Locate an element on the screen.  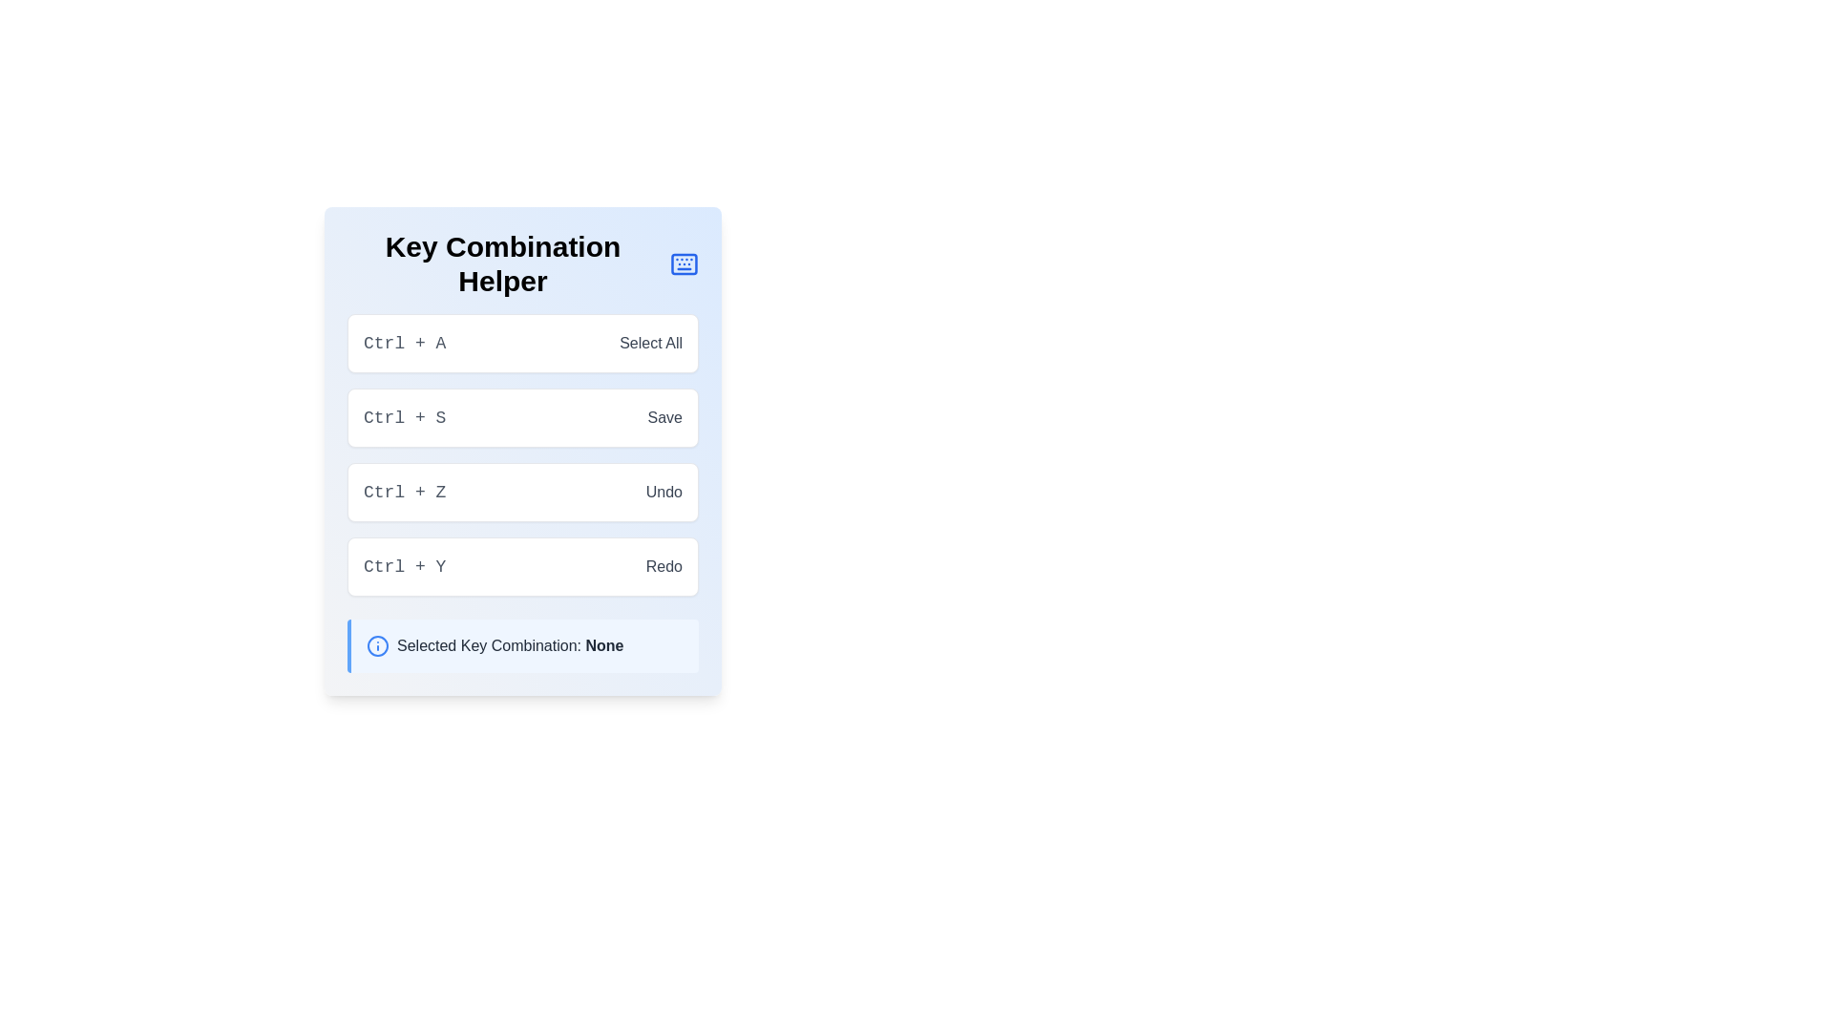
the 'Save' button, which is the second item is located at coordinates (522, 417).